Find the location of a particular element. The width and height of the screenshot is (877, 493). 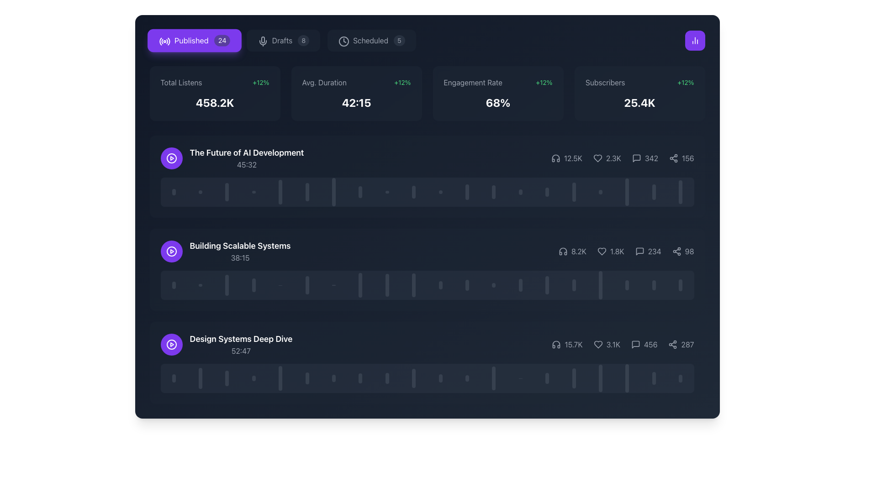

the sixth decorative or data visualization bar under the 'The Future of AI Development' section, which serves as a visual marker or indicator is located at coordinates (307, 191).